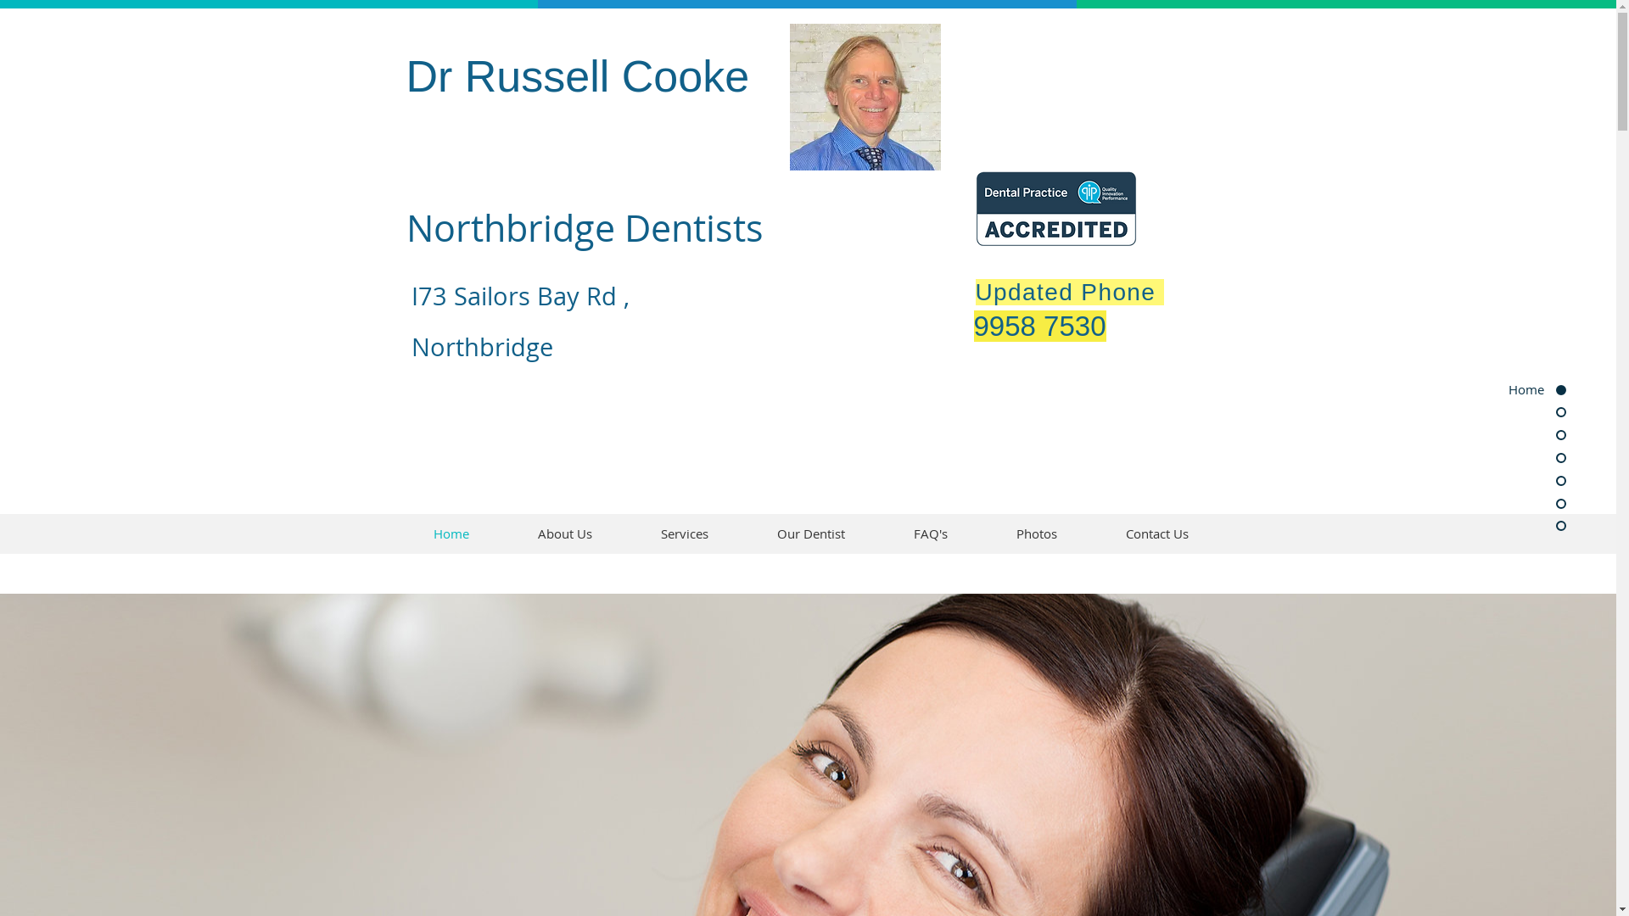 The width and height of the screenshot is (1629, 916). Describe the element at coordinates (583, 75) in the screenshot. I see `'Dr Russell Cooke '` at that location.